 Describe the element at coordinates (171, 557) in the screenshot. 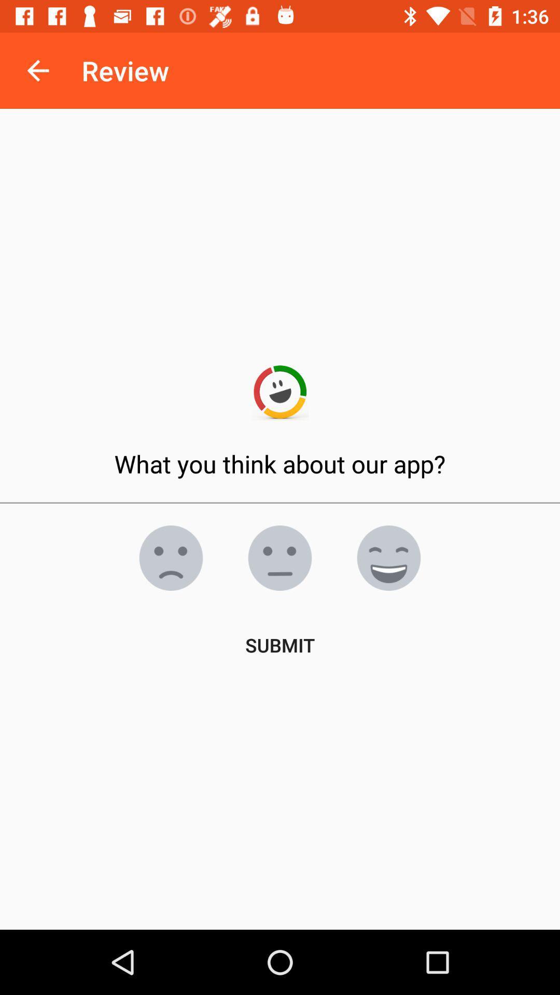

I see `rate app` at that location.